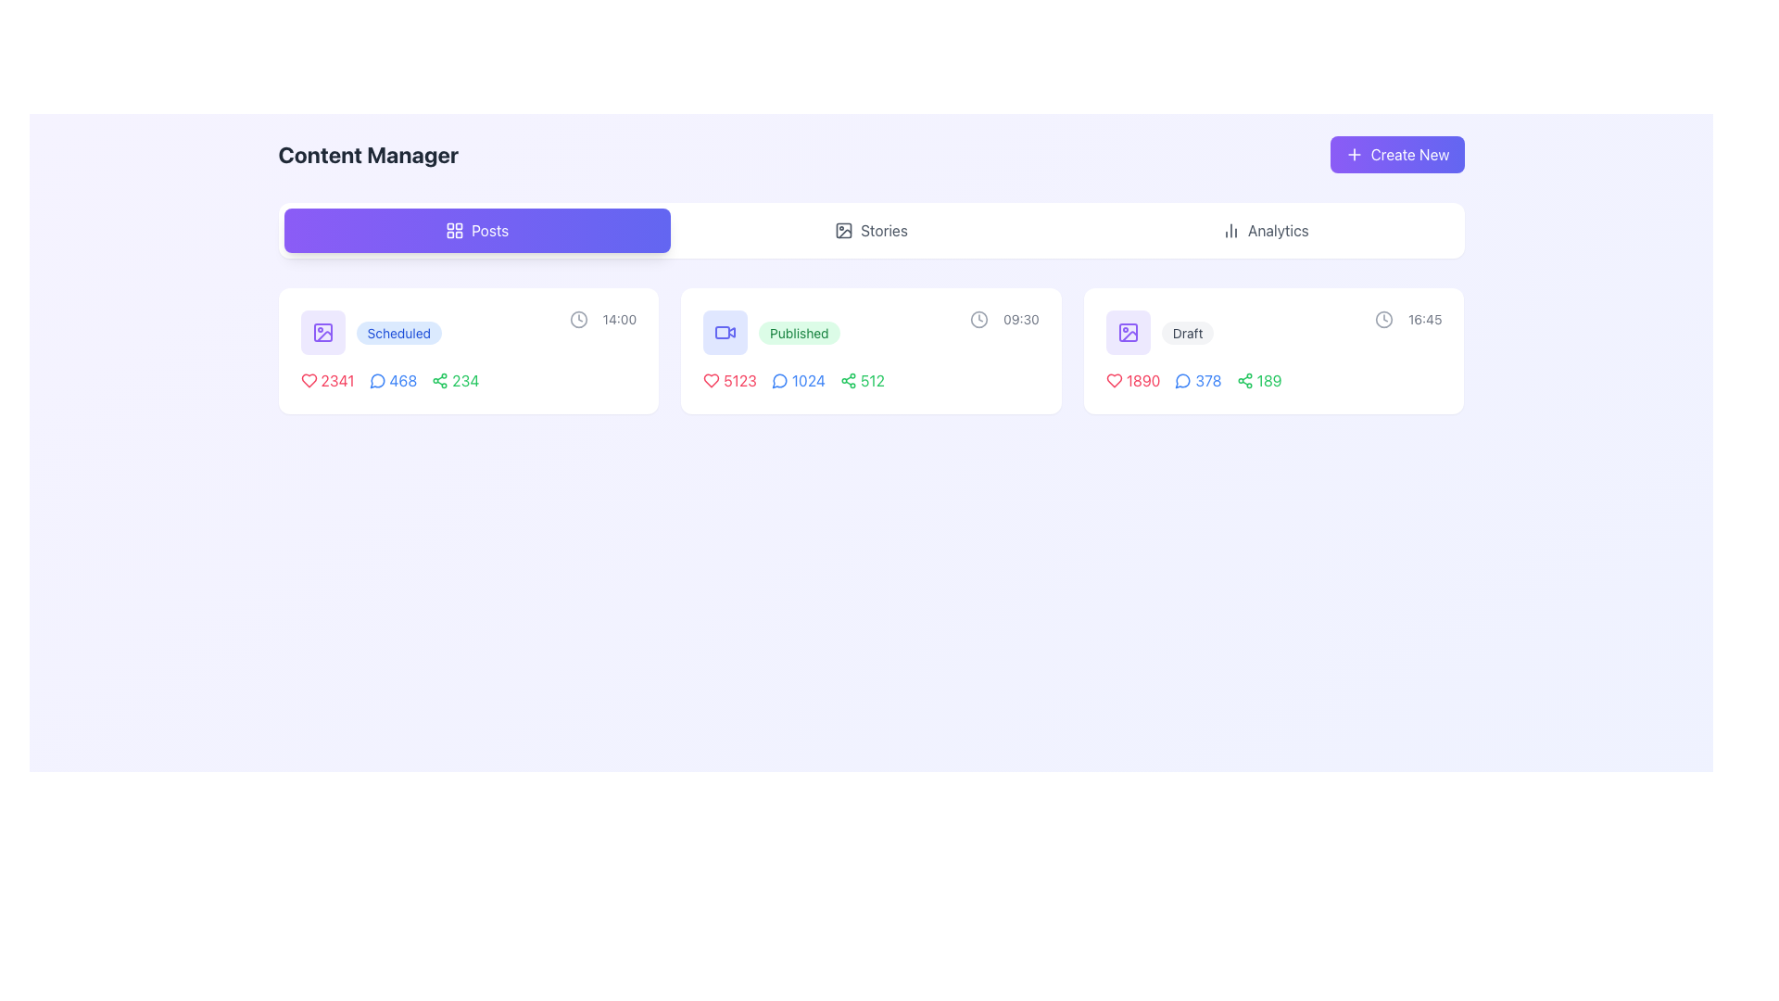  Describe the element at coordinates (798, 380) in the screenshot. I see `the numerical label '1024' styled with blue text, which is positioned next to a speech bubble icon in the middle card of a horizontally aligned set of cards` at that location.